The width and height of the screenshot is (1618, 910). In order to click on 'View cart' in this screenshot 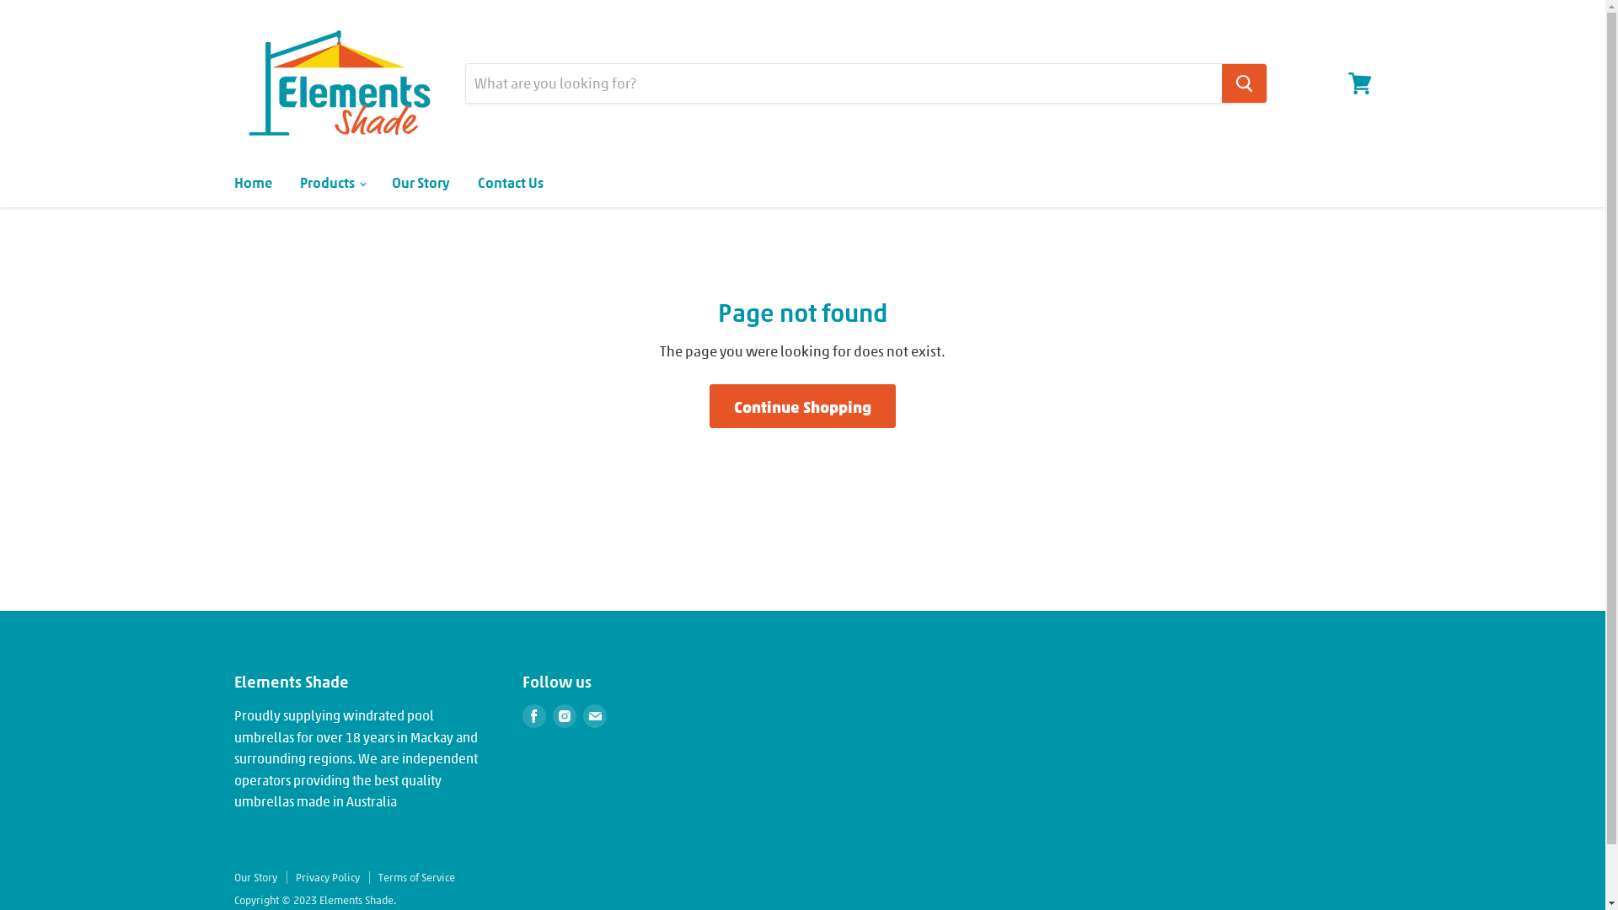, I will do `click(1338, 83)`.